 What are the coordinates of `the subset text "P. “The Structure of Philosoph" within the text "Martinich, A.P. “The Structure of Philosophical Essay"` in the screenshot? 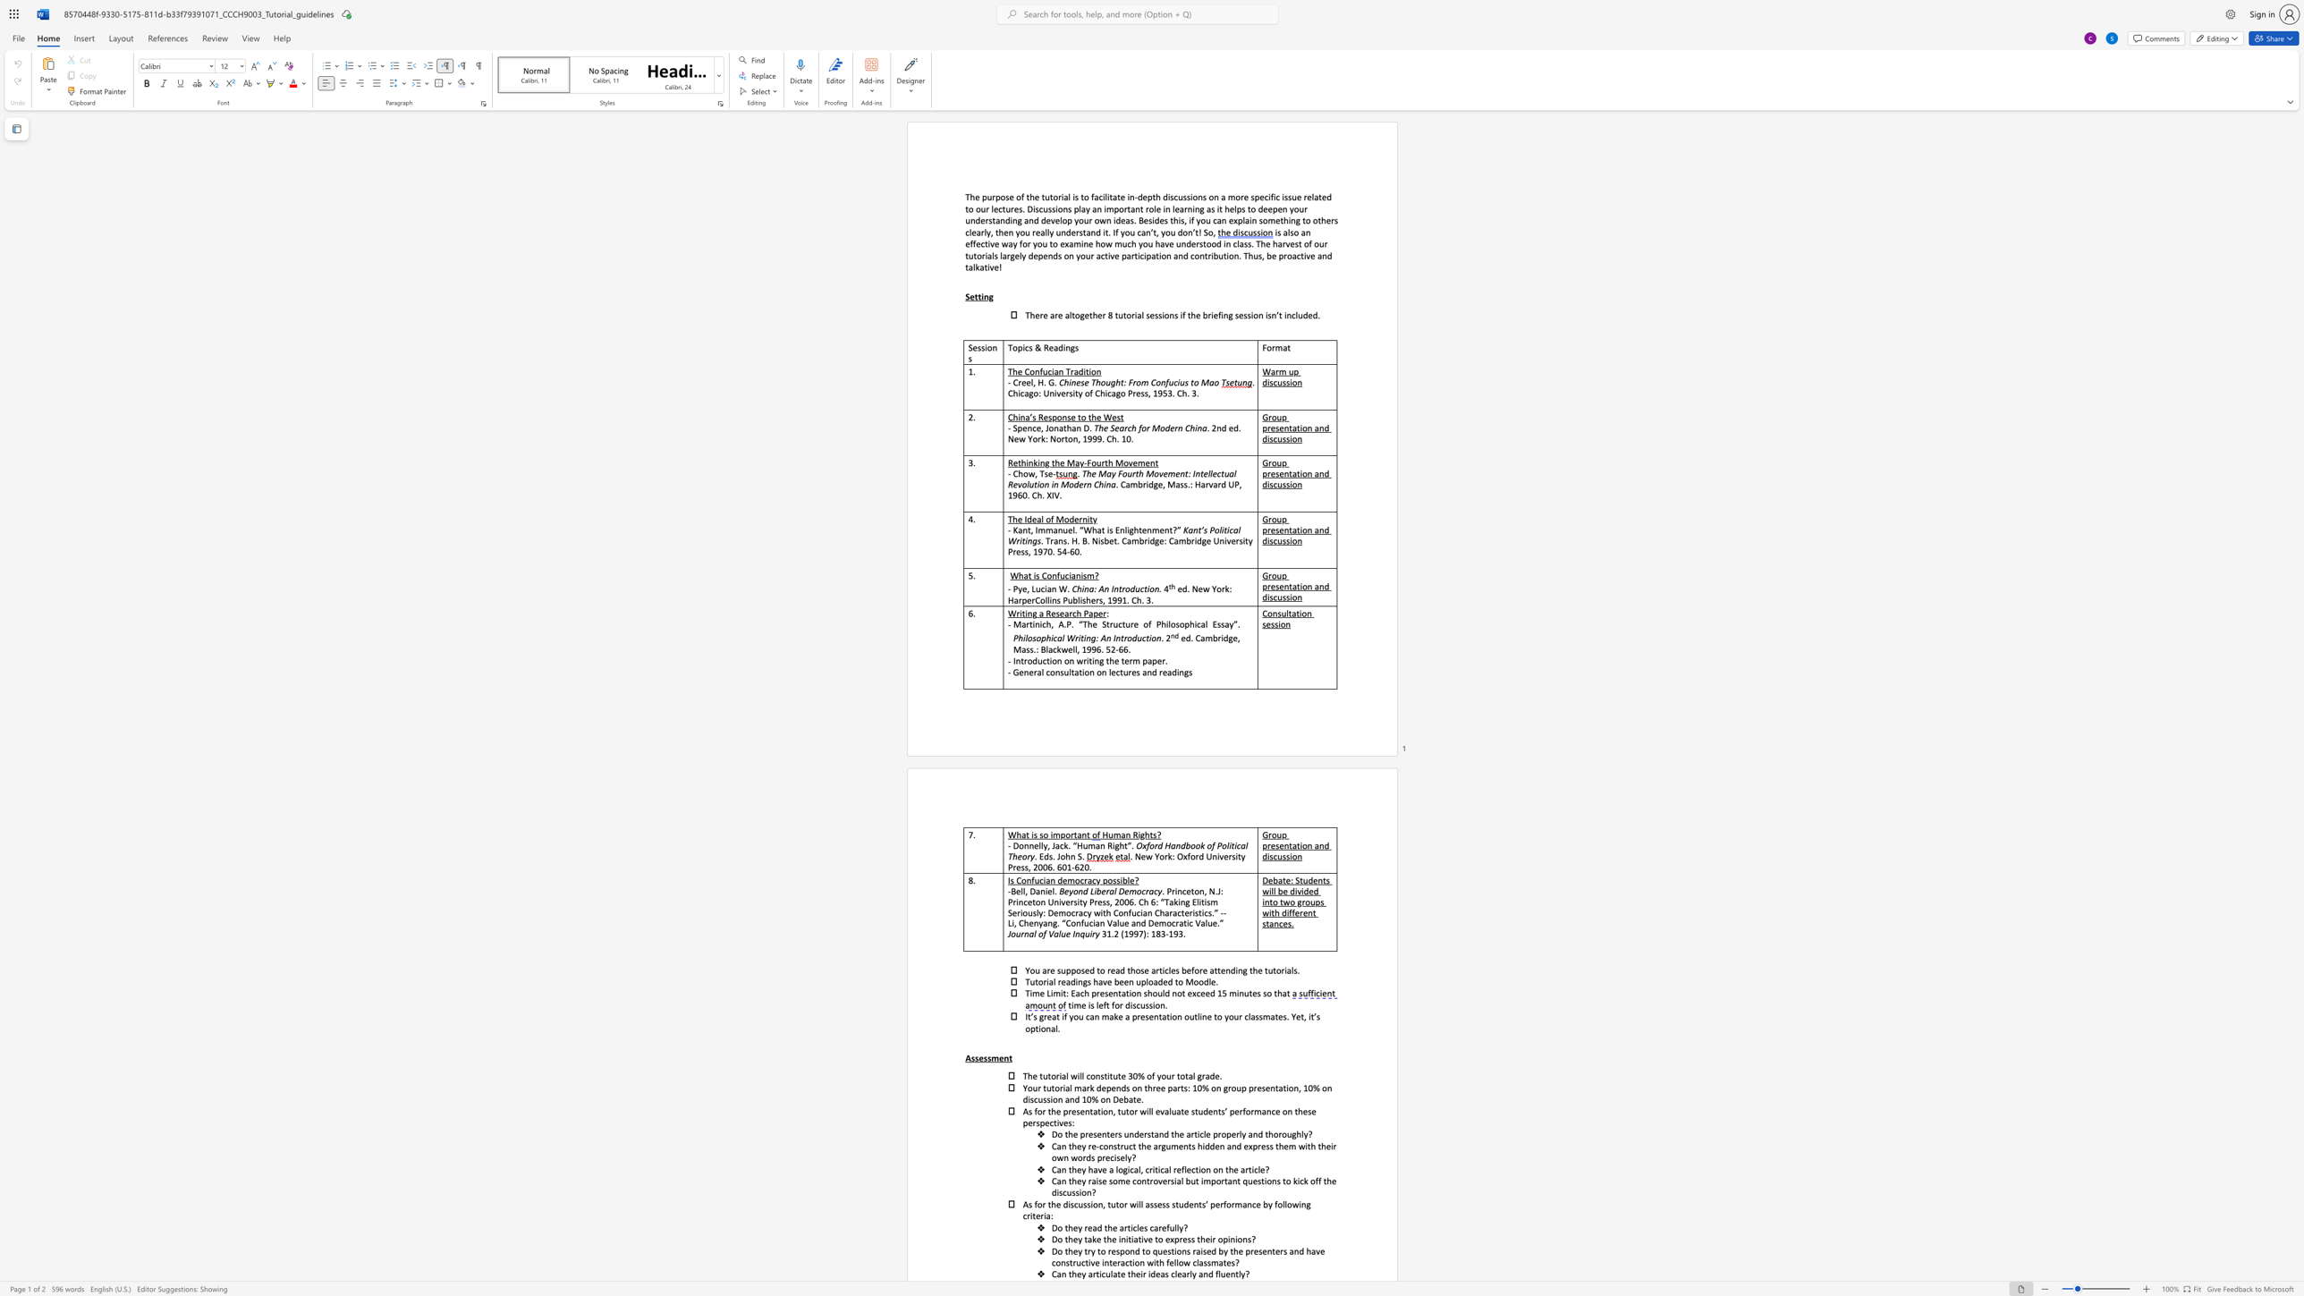 It's located at (1066, 623).